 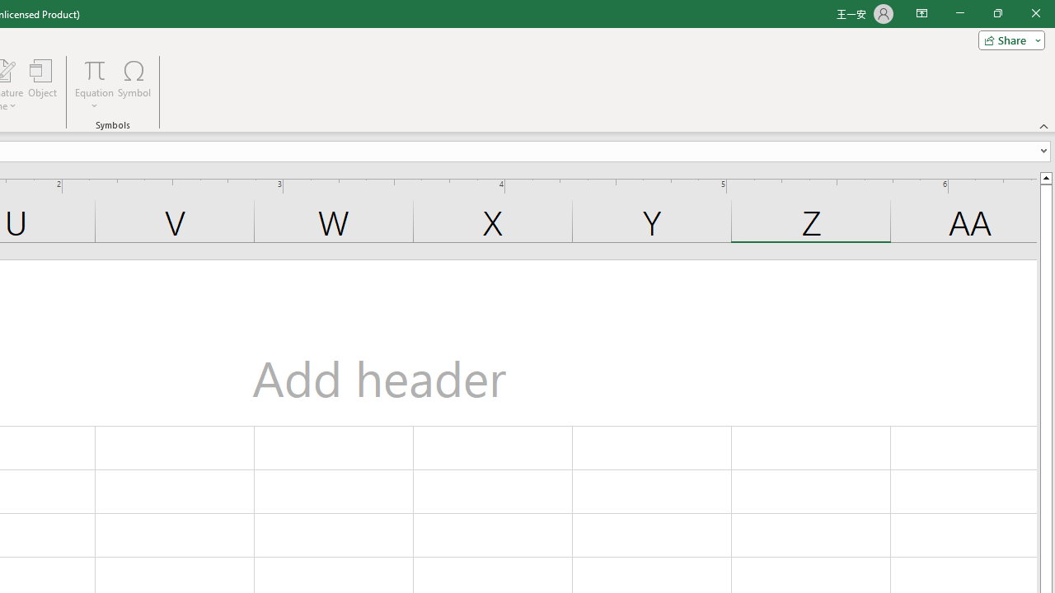 I want to click on 'Equation', so click(x=94, y=69).